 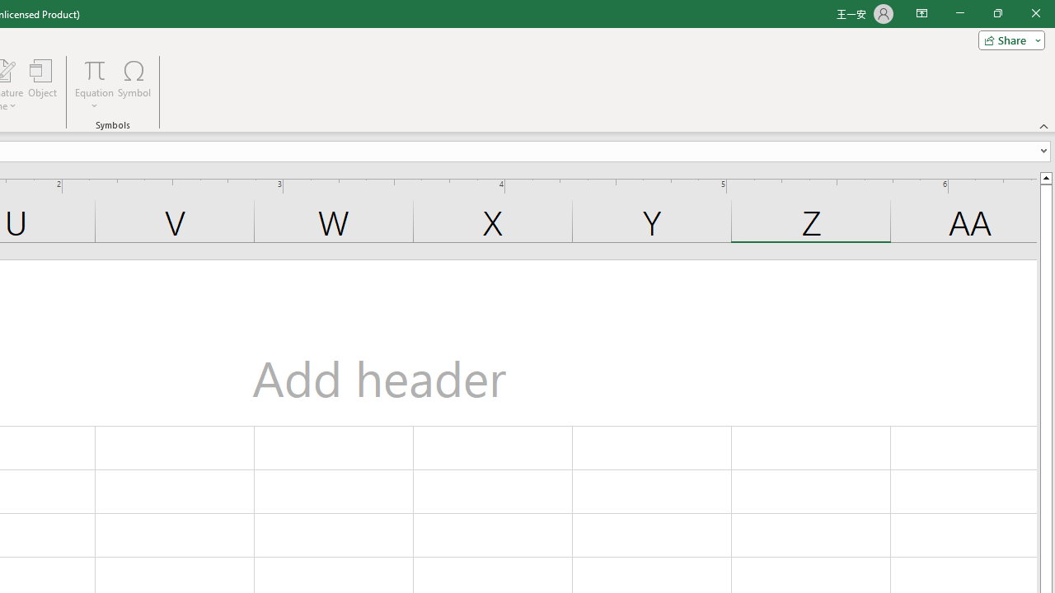 I want to click on 'Equation', so click(x=94, y=69).